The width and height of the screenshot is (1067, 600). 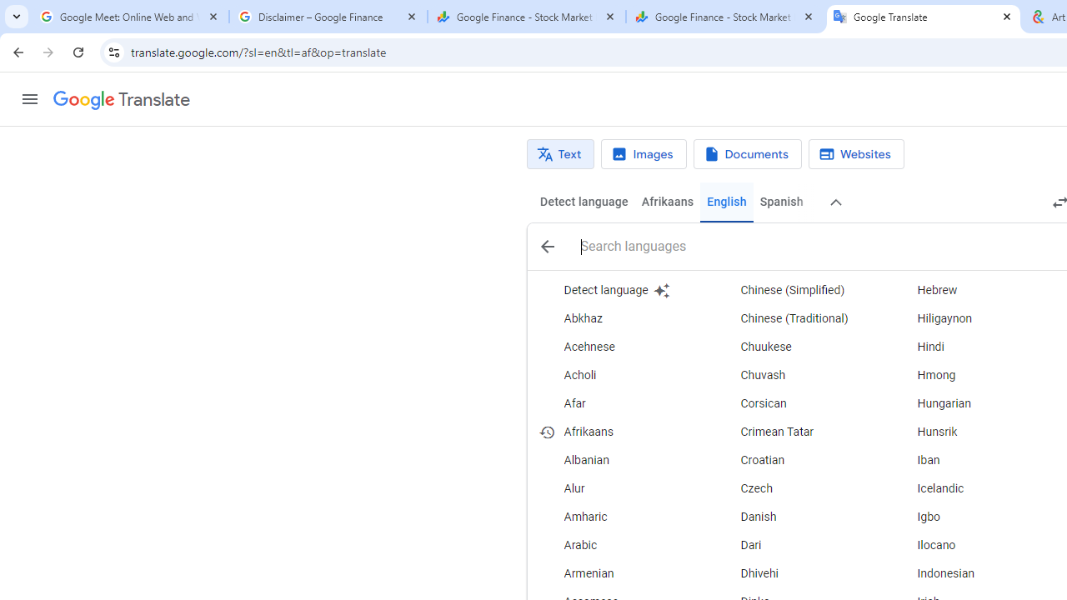 What do you see at coordinates (974, 403) in the screenshot?
I see `'Hungarian'` at bounding box center [974, 403].